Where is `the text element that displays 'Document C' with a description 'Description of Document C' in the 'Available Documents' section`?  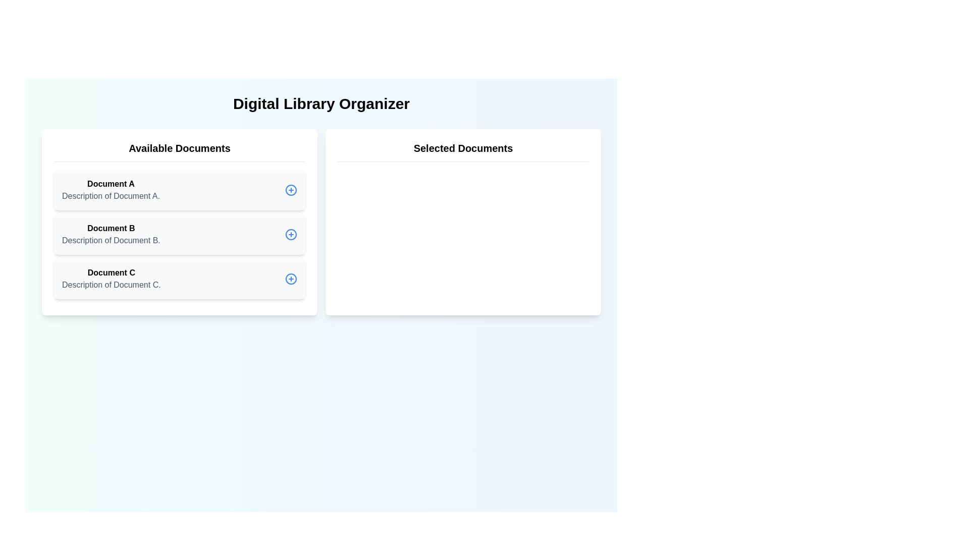 the text element that displays 'Document C' with a description 'Description of Document C' in the 'Available Documents' section is located at coordinates (111, 279).